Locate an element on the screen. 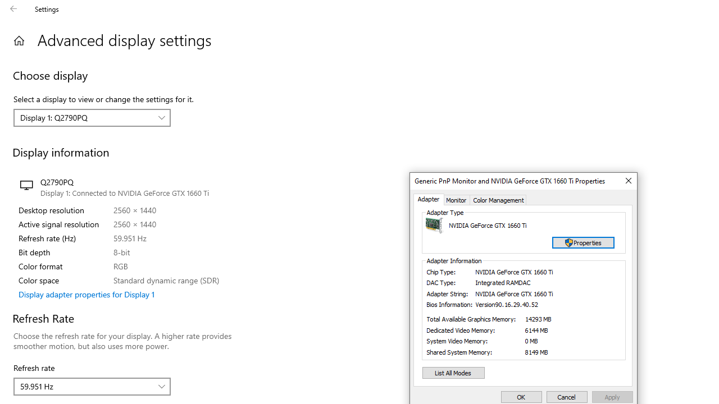  'Adapter' is located at coordinates (428, 199).